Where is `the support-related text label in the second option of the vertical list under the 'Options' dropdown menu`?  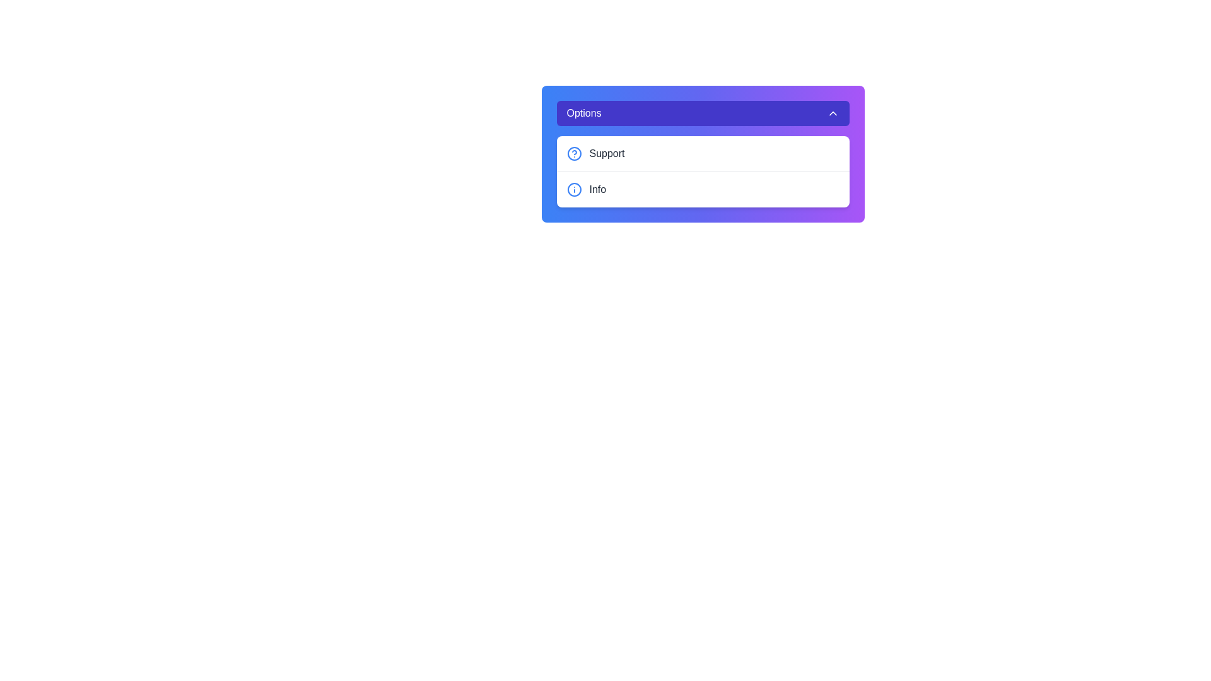
the support-related text label in the second option of the vertical list under the 'Options' dropdown menu is located at coordinates (607, 153).